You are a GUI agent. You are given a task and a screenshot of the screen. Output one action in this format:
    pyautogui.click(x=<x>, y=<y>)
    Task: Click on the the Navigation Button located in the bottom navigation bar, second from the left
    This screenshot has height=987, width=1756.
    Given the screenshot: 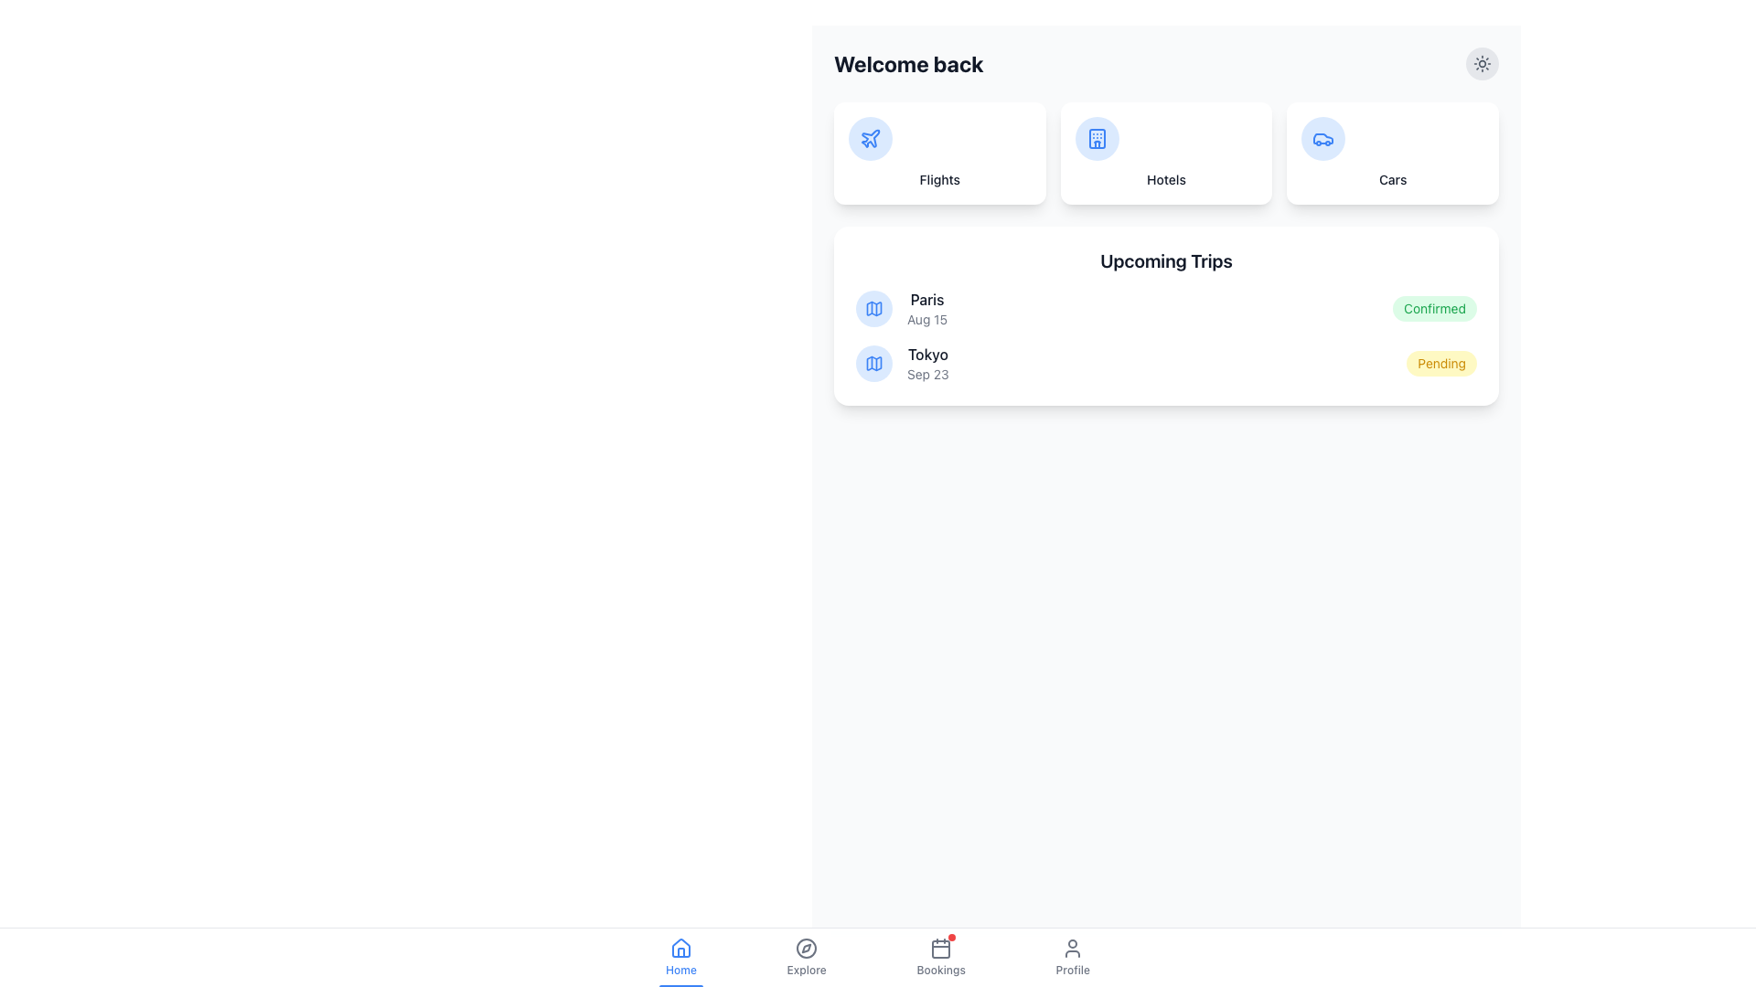 What is the action you would take?
    pyautogui.click(x=806, y=957)
    